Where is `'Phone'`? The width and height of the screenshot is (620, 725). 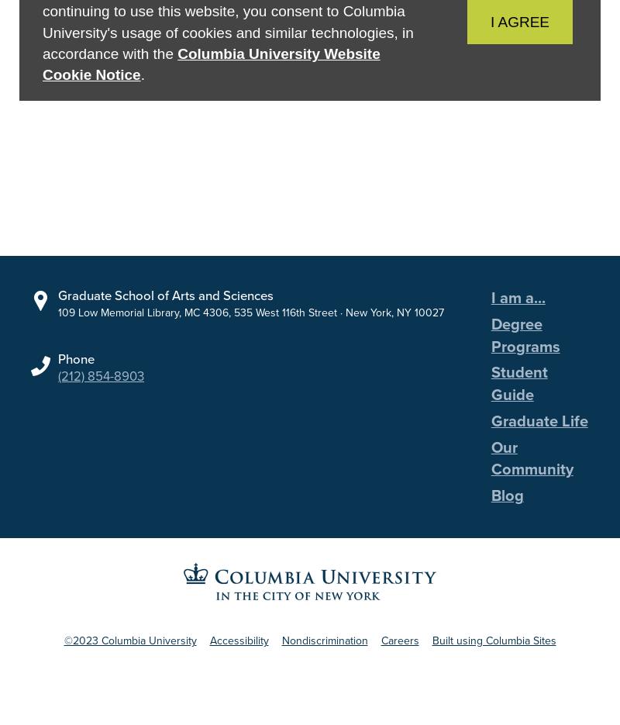 'Phone' is located at coordinates (76, 357).